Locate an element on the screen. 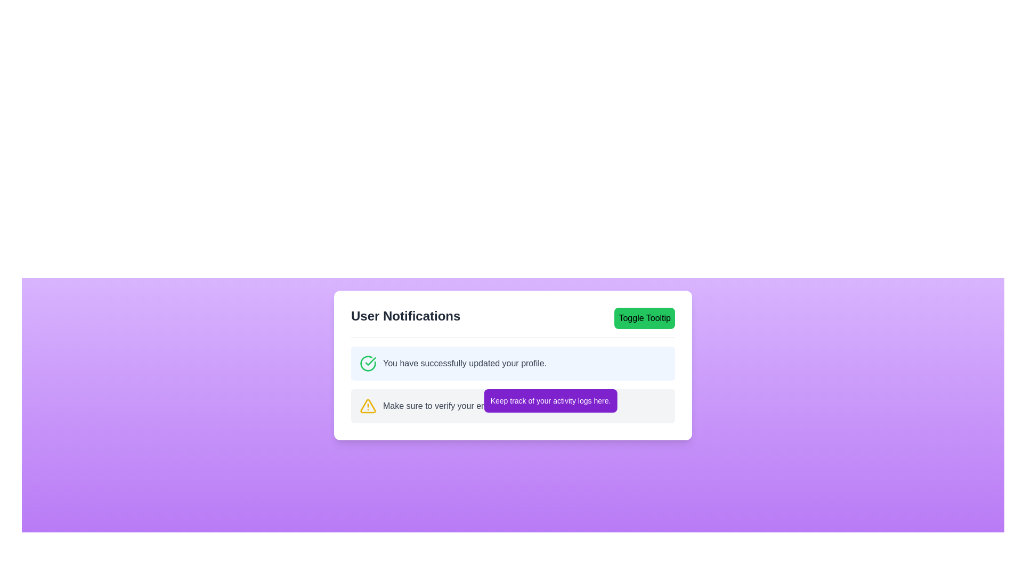  visual styling of the success SVG Icon located to the left of the text 'You have successfully updated your profile.' in the notification panel is located at coordinates (368, 363).